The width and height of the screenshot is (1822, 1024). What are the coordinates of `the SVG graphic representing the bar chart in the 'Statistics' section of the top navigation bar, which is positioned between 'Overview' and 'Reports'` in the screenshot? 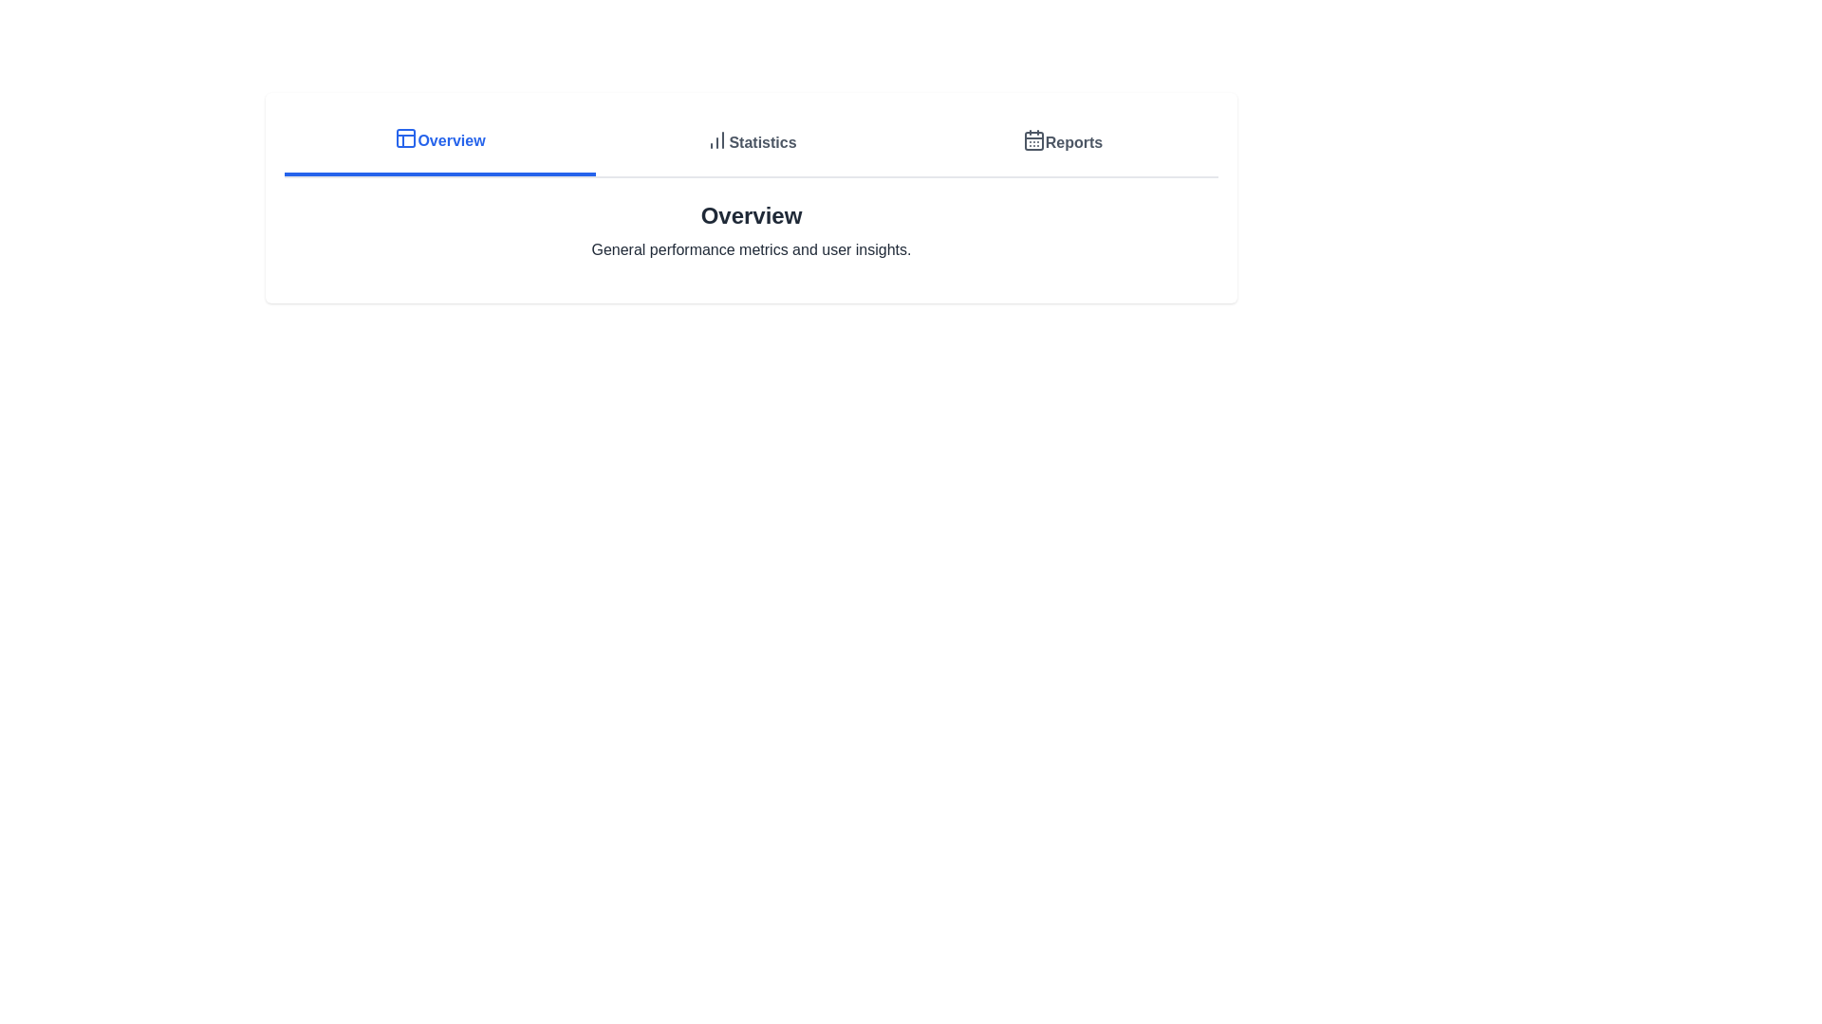 It's located at (716, 138).